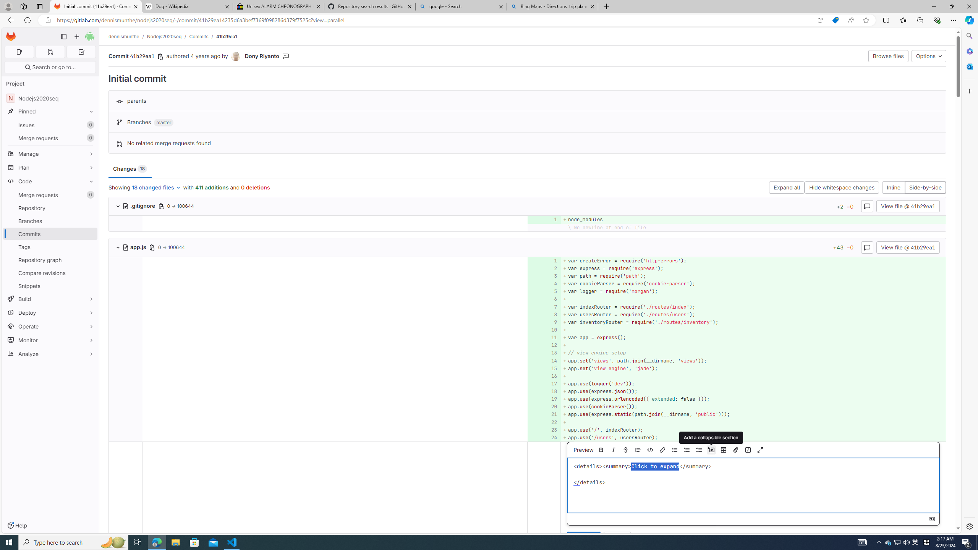 The image size is (978, 550). I want to click on 'Monitor', so click(50, 340).